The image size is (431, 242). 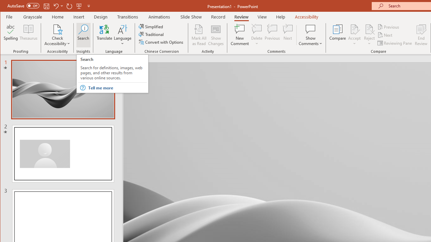 I want to click on 'Previous', so click(x=389, y=27).